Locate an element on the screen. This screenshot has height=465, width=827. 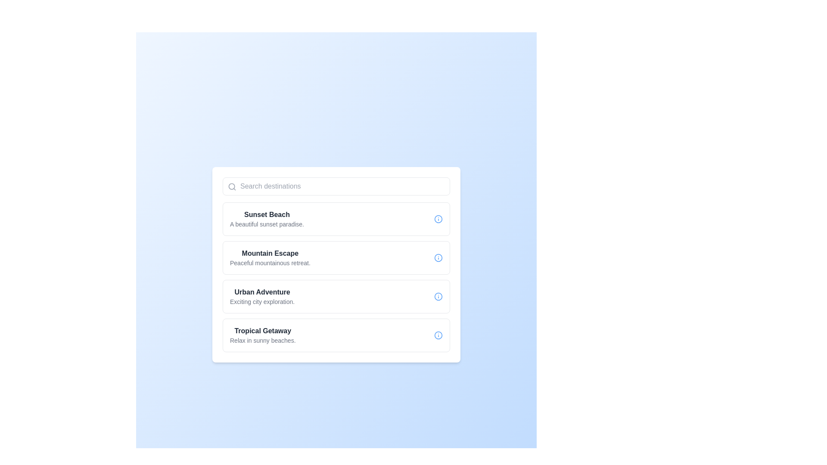
the bold text label 'Tropical Getaway', which is the fourth item in a list of destination options is located at coordinates (262, 330).